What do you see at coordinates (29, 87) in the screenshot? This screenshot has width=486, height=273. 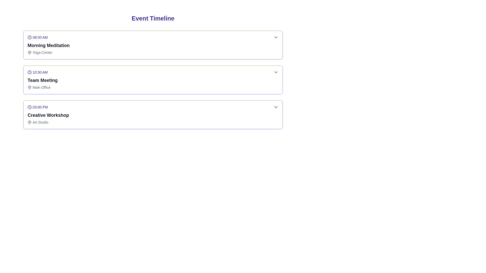 I see `the heart-like location indication icon adjacent to the text 'Main Office' in the second list item of the timeline display` at bounding box center [29, 87].